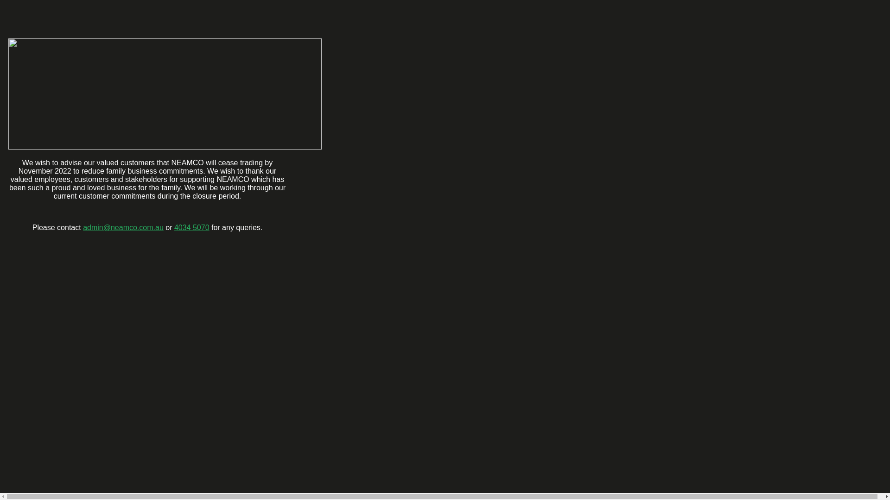 The height and width of the screenshot is (500, 890). Describe the element at coordinates (191, 227) in the screenshot. I see `'4034 5070'` at that location.